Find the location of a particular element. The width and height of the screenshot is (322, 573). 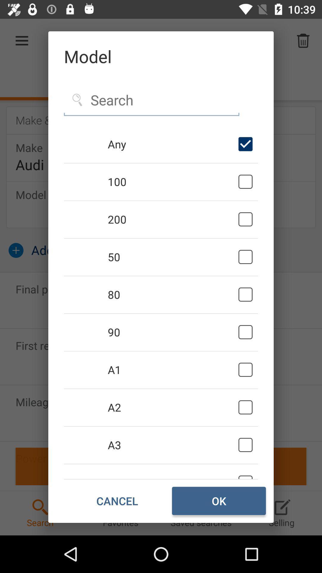

icon below the a4 item is located at coordinates (117, 501).